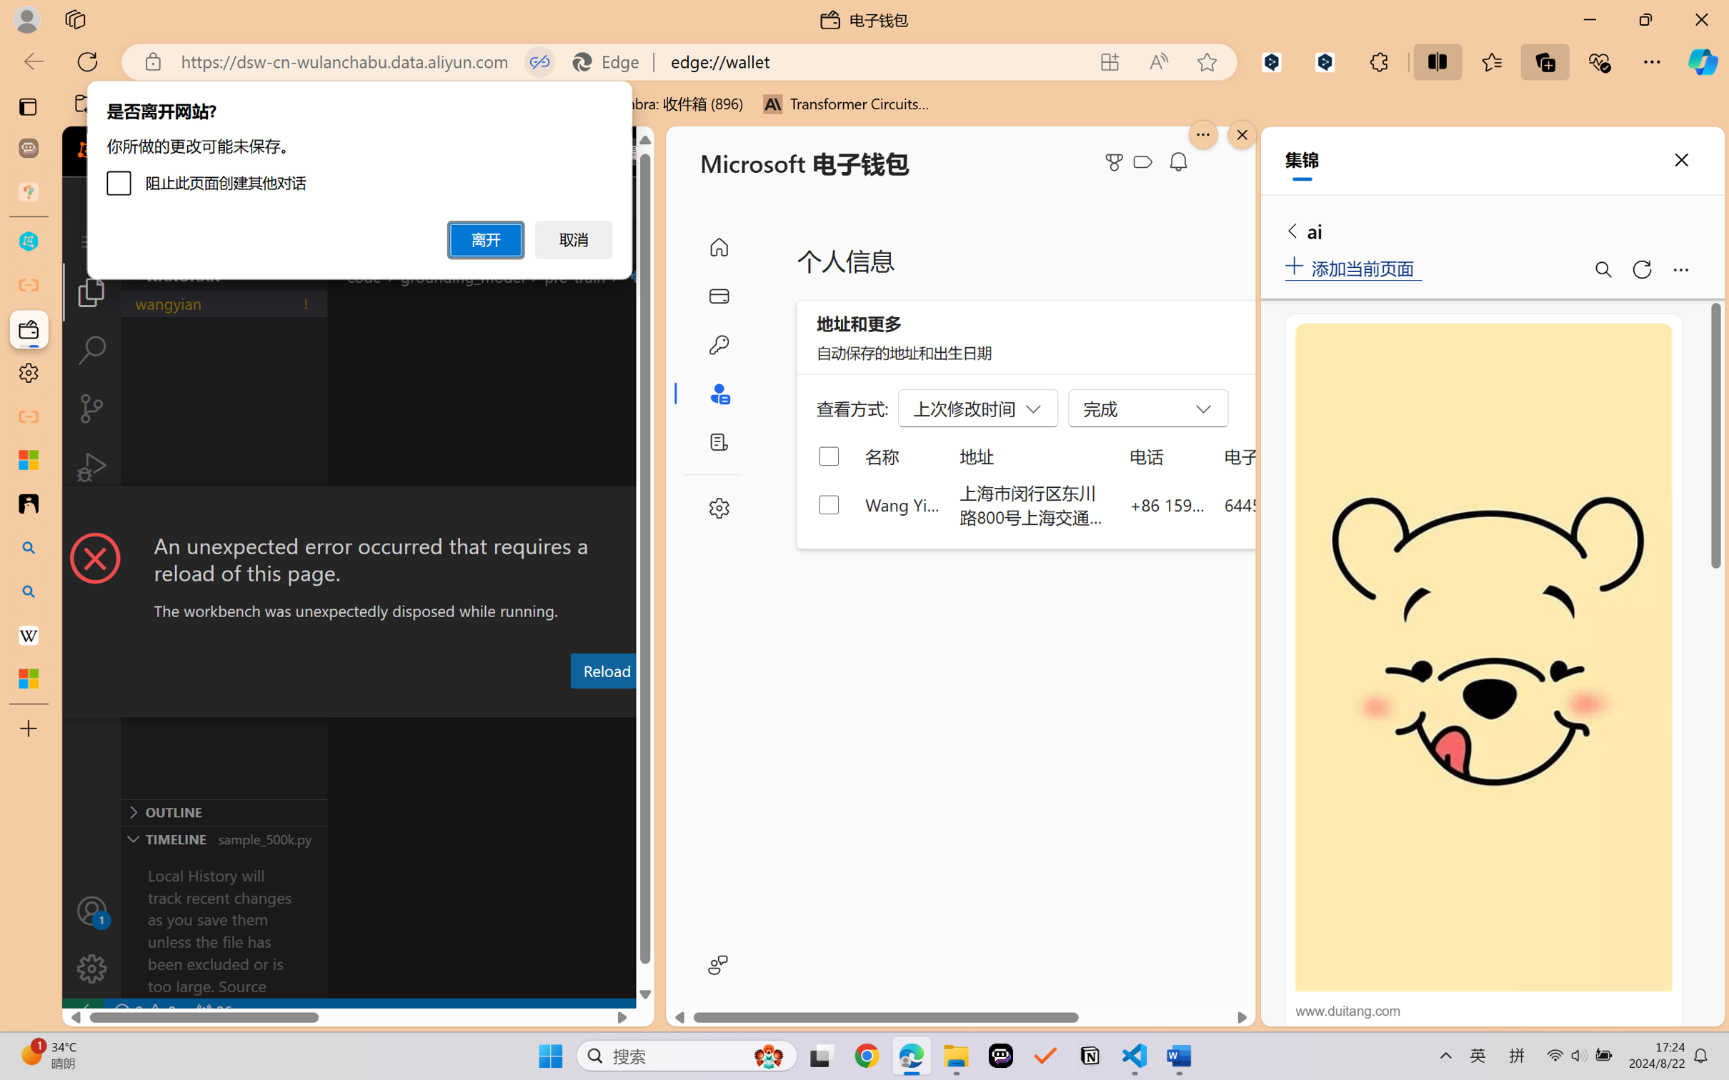 This screenshot has width=1729, height=1080. I want to click on 'Run and Debug (Ctrl+Shift+D)', so click(91, 466).